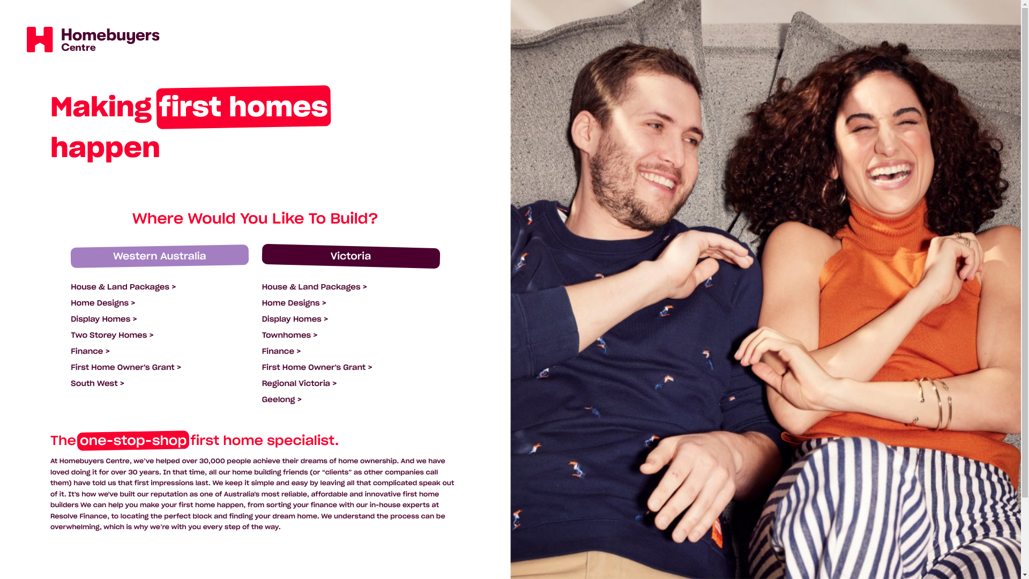 Image resolution: width=1029 pixels, height=579 pixels. I want to click on 'First Home Owner's Grant >', so click(316, 367).